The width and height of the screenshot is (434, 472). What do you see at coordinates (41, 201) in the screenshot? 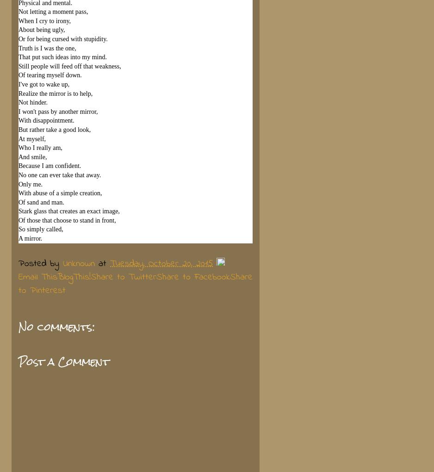
I see `'Of sand and man.'` at bounding box center [41, 201].